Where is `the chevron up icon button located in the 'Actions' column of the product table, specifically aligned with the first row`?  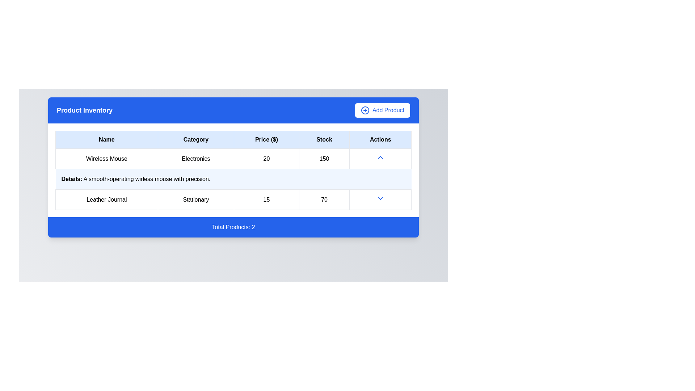
the chevron up icon button located in the 'Actions' column of the product table, specifically aligned with the first row is located at coordinates (380, 157).